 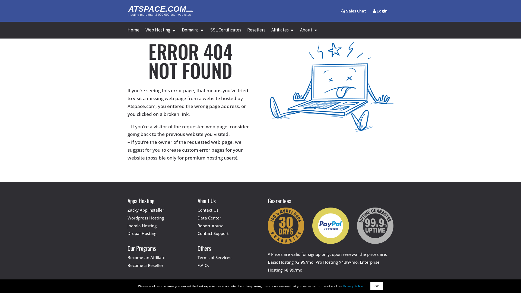 What do you see at coordinates (146, 257) in the screenshot?
I see `'Become an Affiliate'` at bounding box center [146, 257].